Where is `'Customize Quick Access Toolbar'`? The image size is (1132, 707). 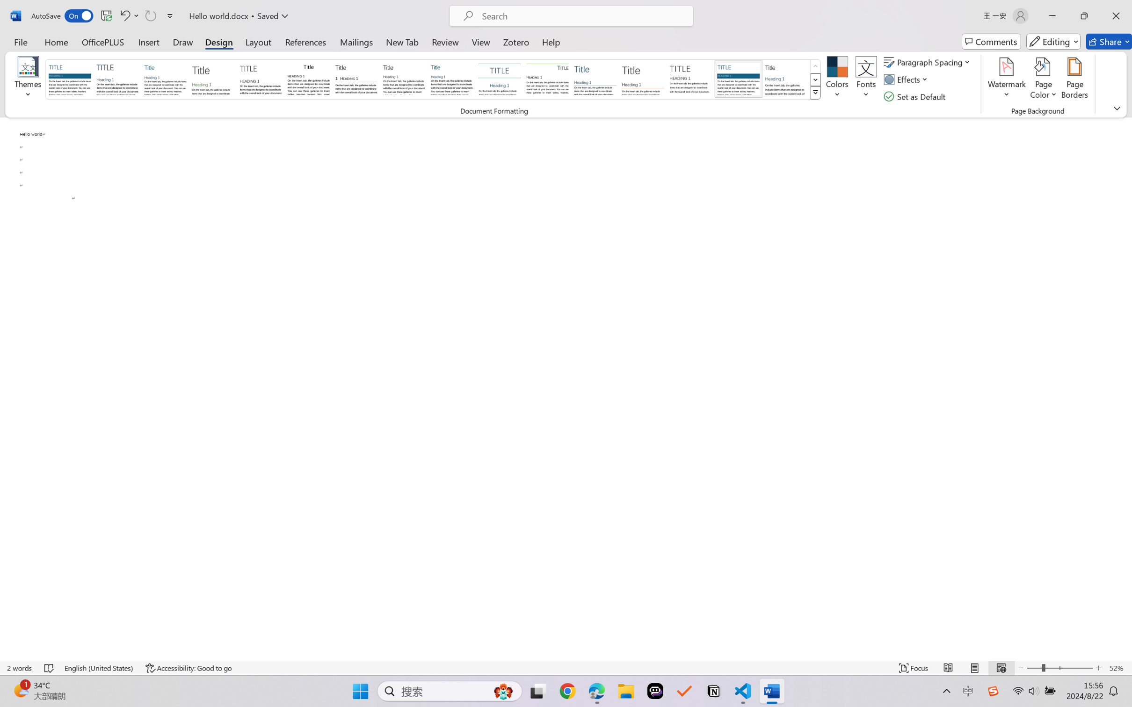 'Customize Quick Access Toolbar' is located at coordinates (170, 15).